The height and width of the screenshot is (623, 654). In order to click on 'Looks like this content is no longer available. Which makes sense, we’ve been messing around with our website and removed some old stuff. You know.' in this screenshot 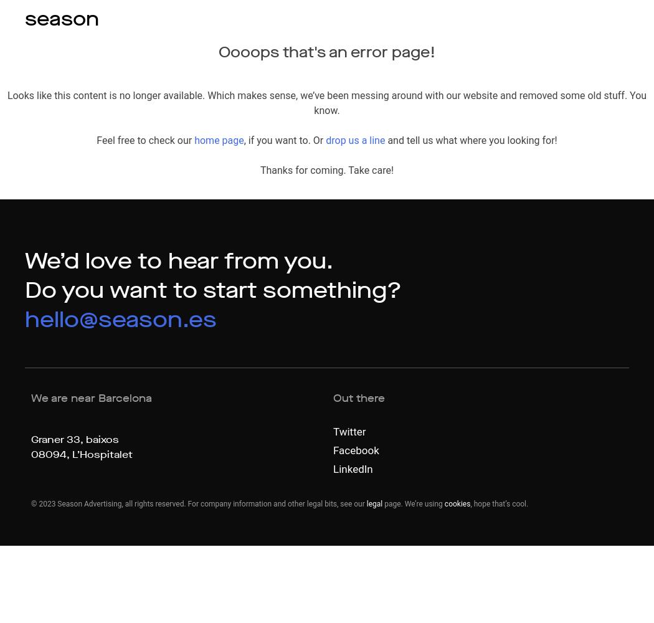, I will do `click(326, 103)`.